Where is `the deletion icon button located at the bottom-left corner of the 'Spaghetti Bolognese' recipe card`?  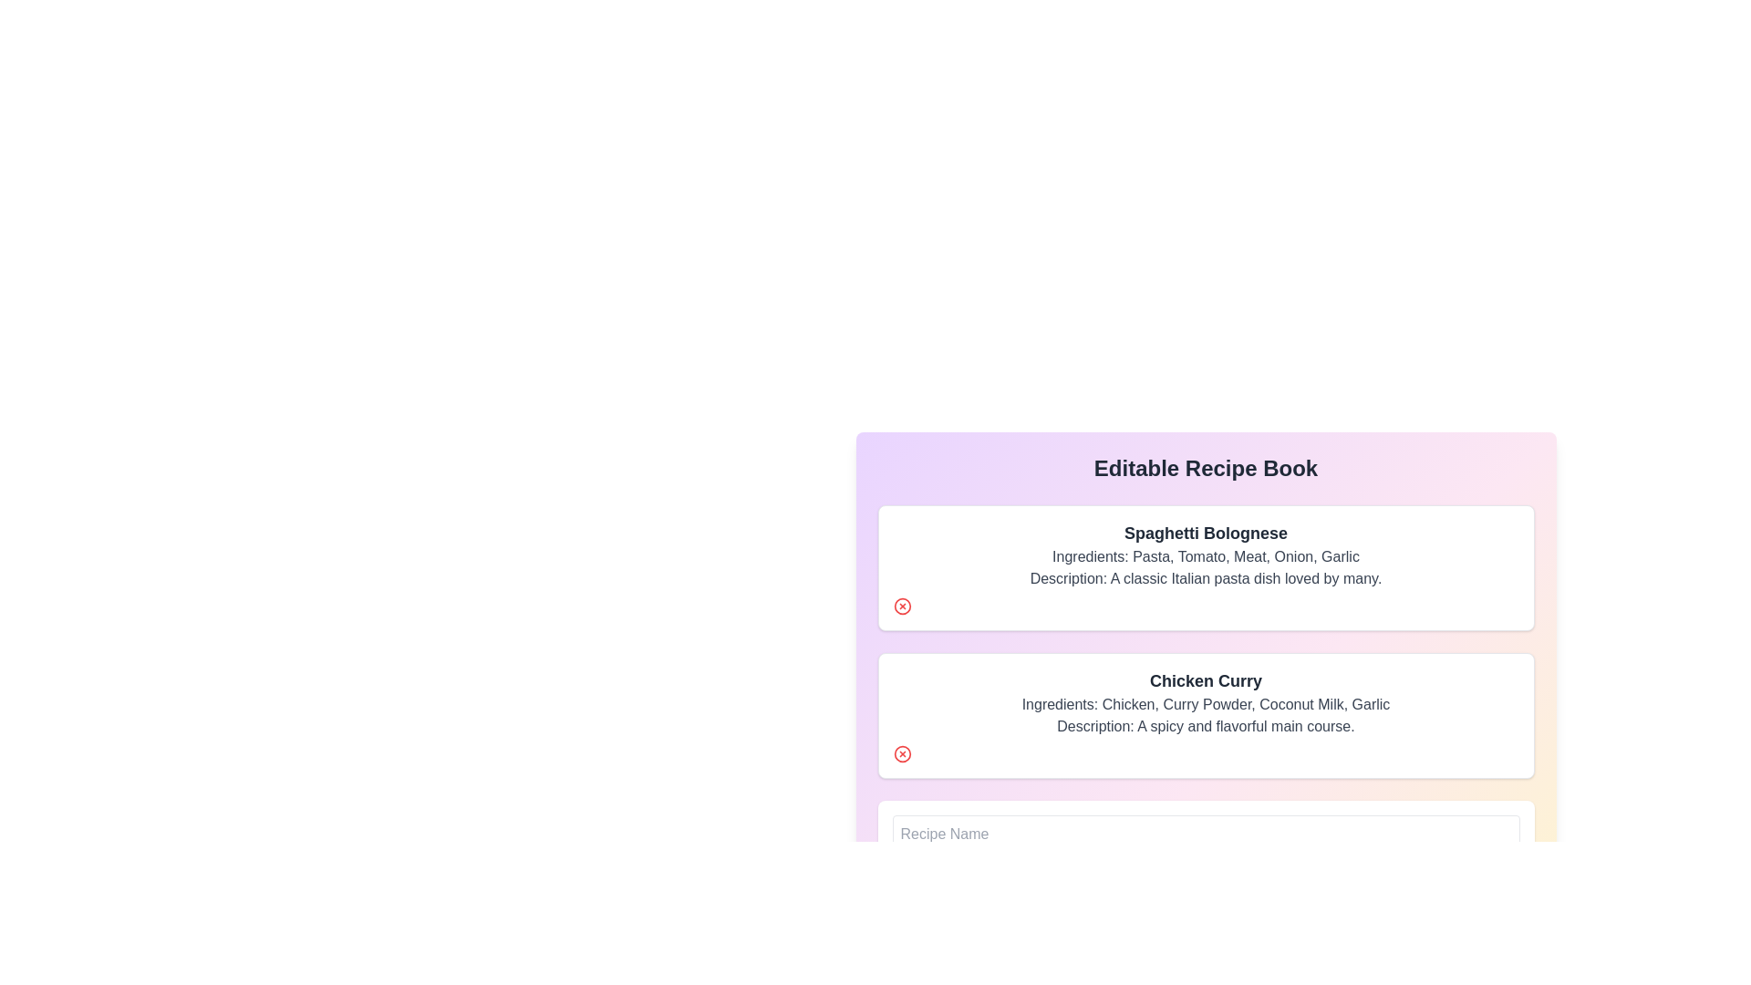 the deletion icon button located at the bottom-left corner of the 'Spaghetti Bolognese' recipe card is located at coordinates (902, 606).